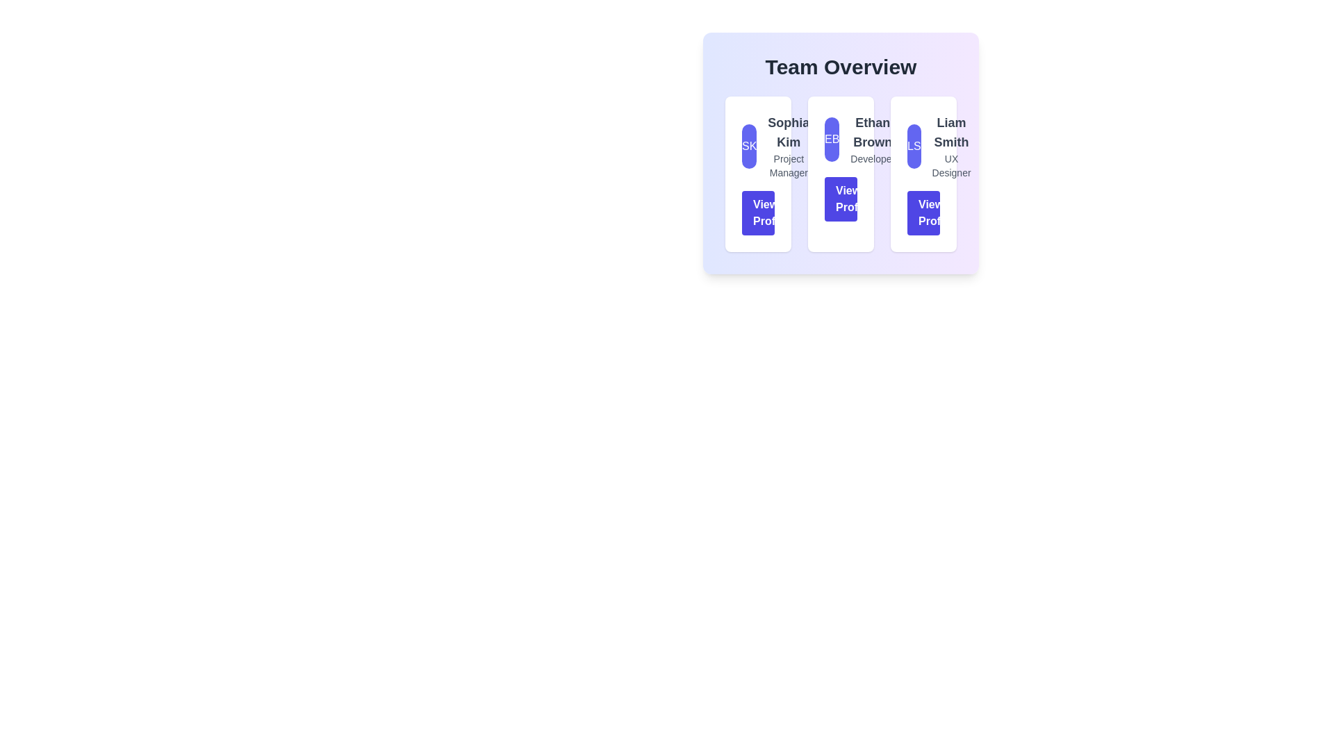 The height and width of the screenshot is (750, 1334). What do you see at coordinates (950, 165) in the screenshot?
I see `the text label indicating the professional role or title associated with 'Liam Smith', which is located below the name within the team member card` at bounding box center [950, 165].